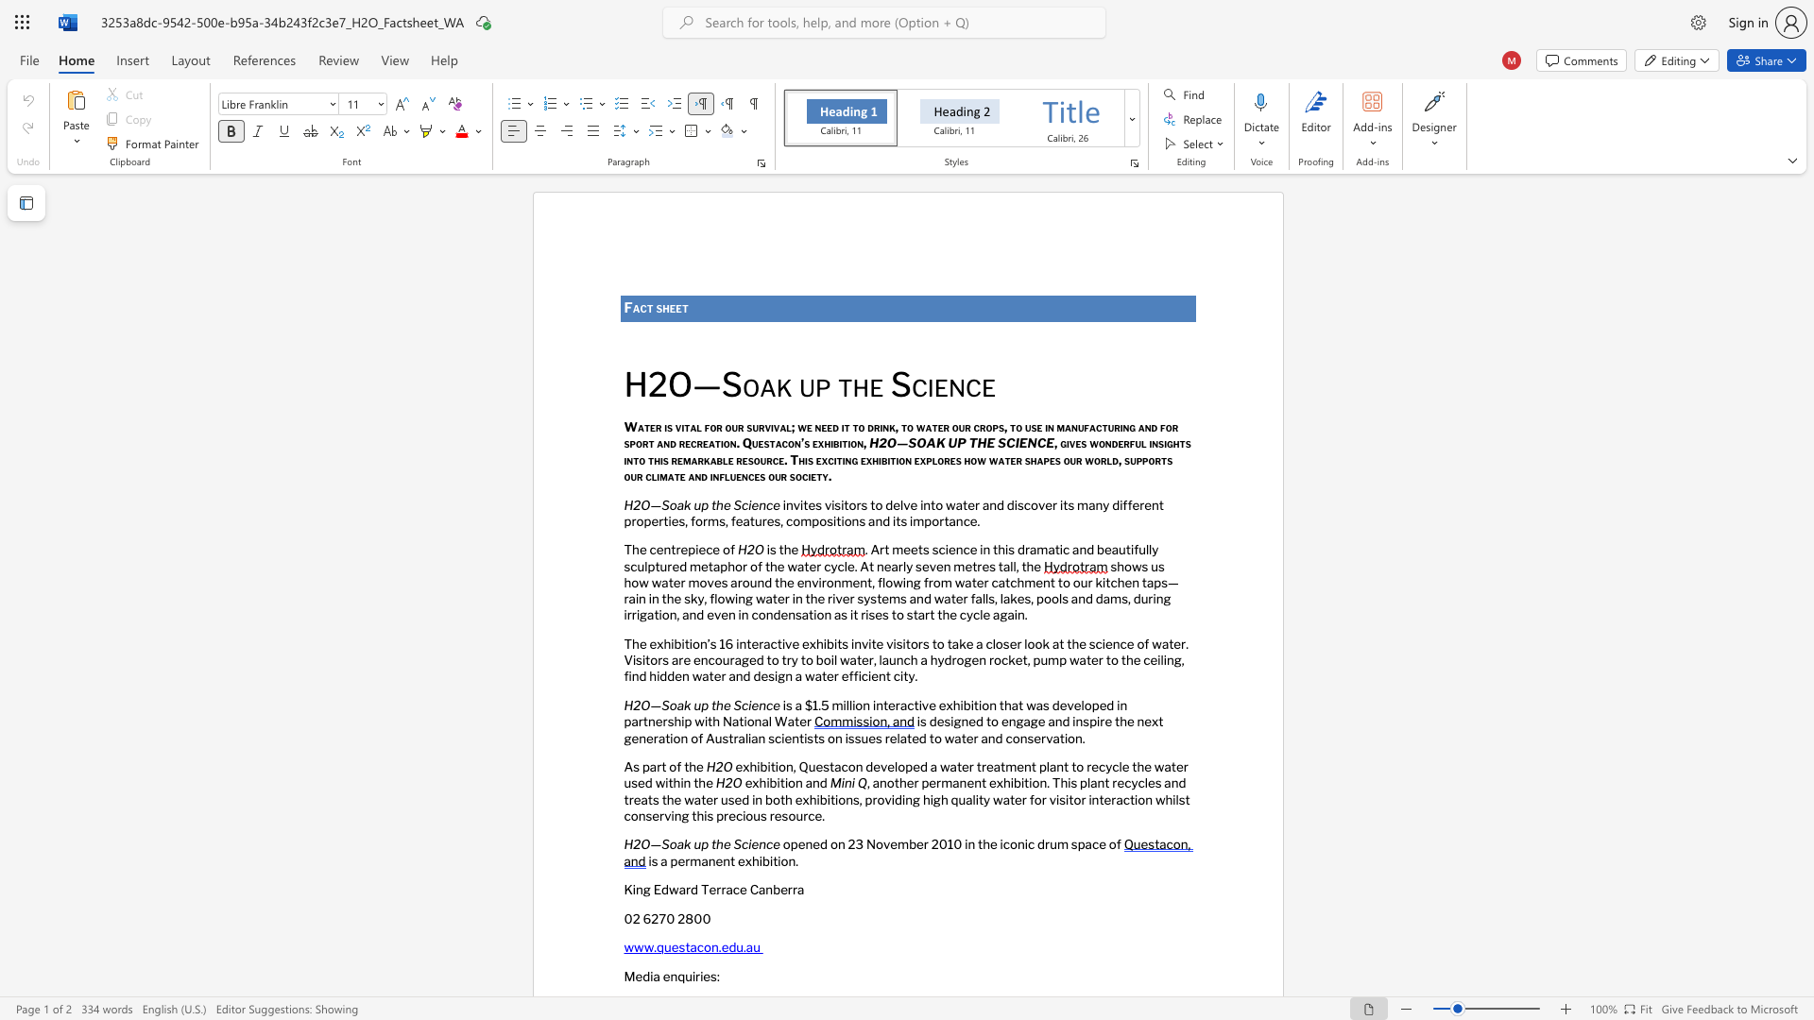 The image size is (1814, 1020). Describe the element at coordinates (935, 383) in the screenshot. I see `the space between the continuous character "i" and "e" in the text` at that location.